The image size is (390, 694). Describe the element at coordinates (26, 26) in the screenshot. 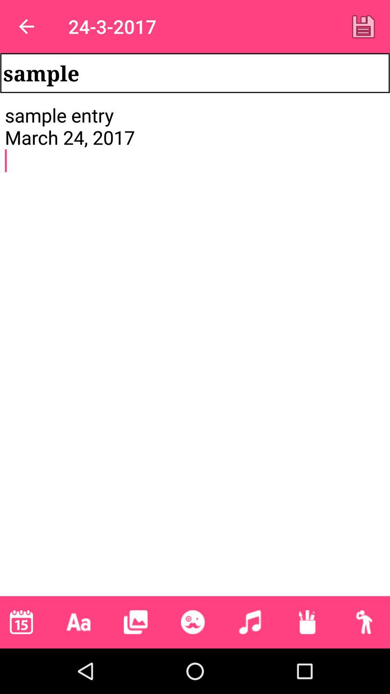

I see `the app to the left of 24-3-2017 app` at that location.